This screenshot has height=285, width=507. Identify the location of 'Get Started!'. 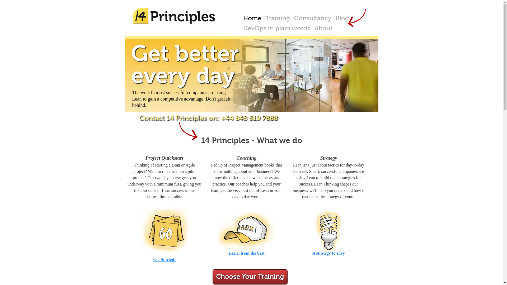
(153, 259).